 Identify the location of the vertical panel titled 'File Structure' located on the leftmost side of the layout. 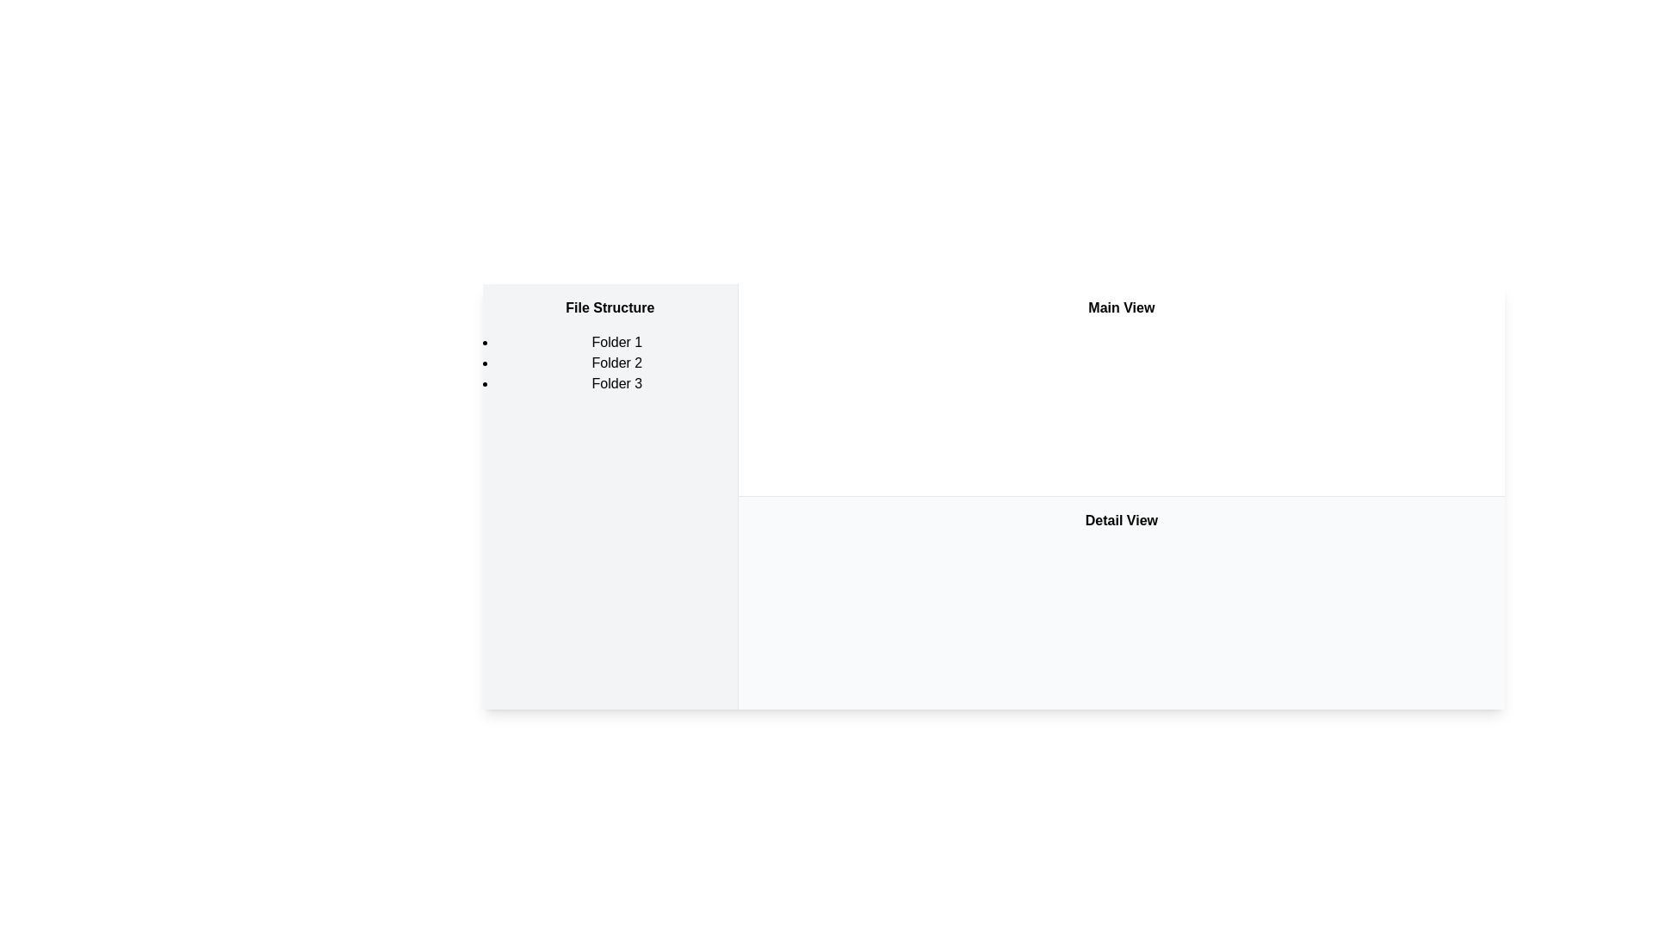
(610, 497).